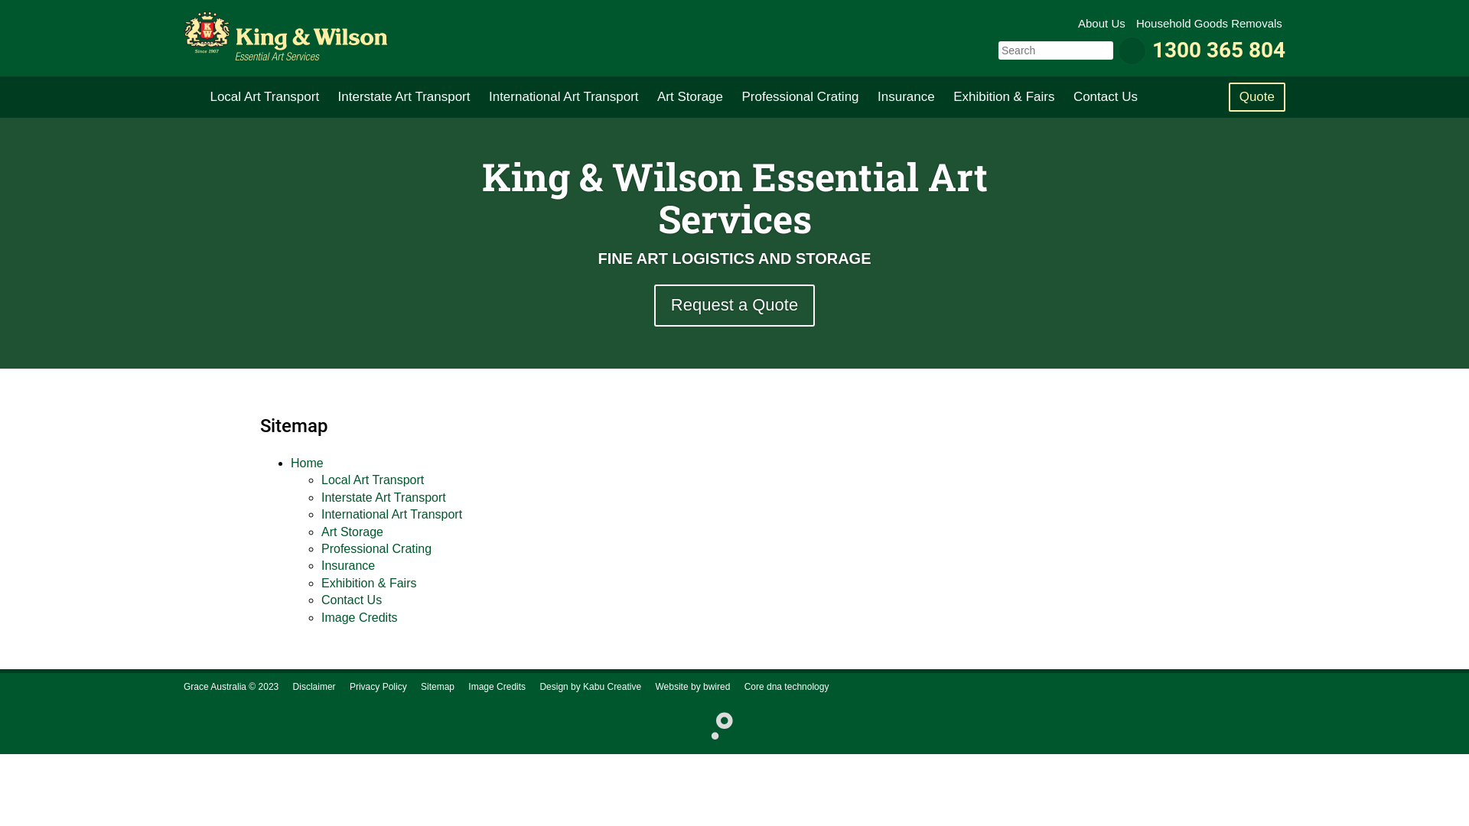  What do you see at coordinates (321, 599) in the screenshot?
I see `'Contact Us'` at bounding box center [321, 599].